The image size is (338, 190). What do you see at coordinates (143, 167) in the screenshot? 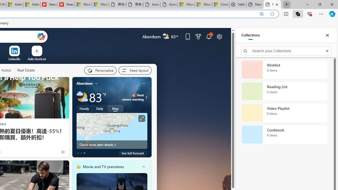
I see `'Class: icon-img'` at bounding box center [143, 167].